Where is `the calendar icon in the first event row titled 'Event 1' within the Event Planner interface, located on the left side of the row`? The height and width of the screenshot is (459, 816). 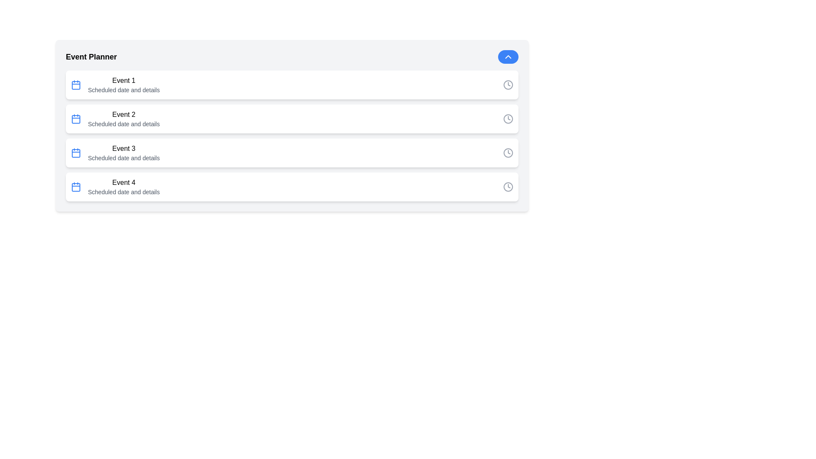 the calendar icon in the first event row titled 'Event 1' within the Event Planner interface, located on the left side of the row is located at coordinates (76, 85).